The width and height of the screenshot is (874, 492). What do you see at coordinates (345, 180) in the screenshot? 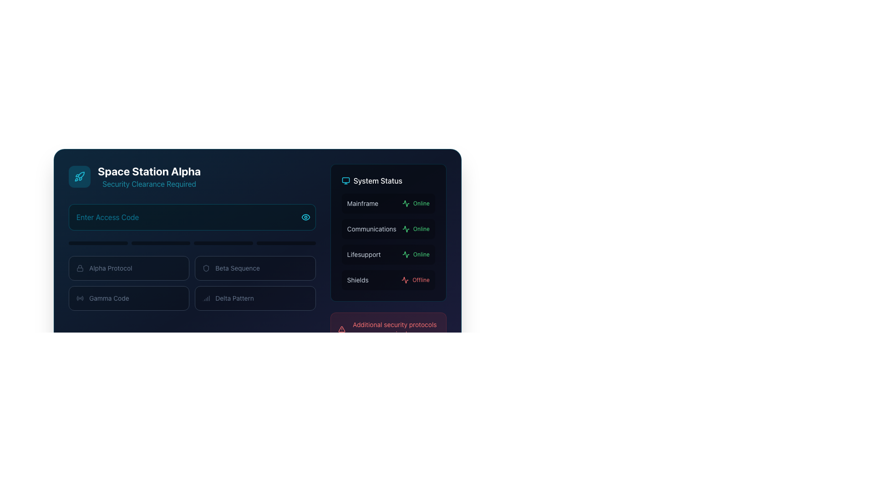
I see `the graphical component of the monitor icon within the system status section to trigger potential tooltips or interactions` at bounding box center [345, 180].